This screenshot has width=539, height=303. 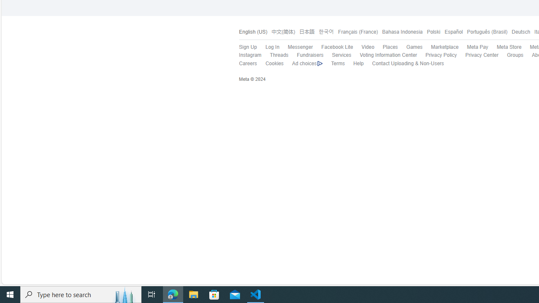 I want to click on 'Ad choices', so click(x=307, y=63).